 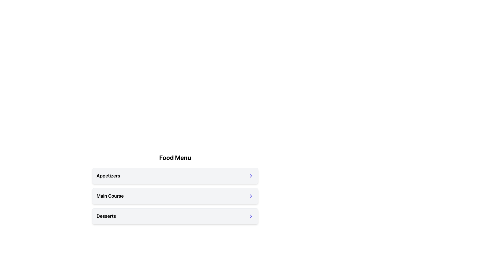 What do you see at coordinates (110, 196) in the screenshot?
I see `the 'Main Course' text label, which is the second element in a horizontally aligned menu section containing 'Appetizers', 'Main Course', and 'Desserts'` at bounding box center [110, 196].